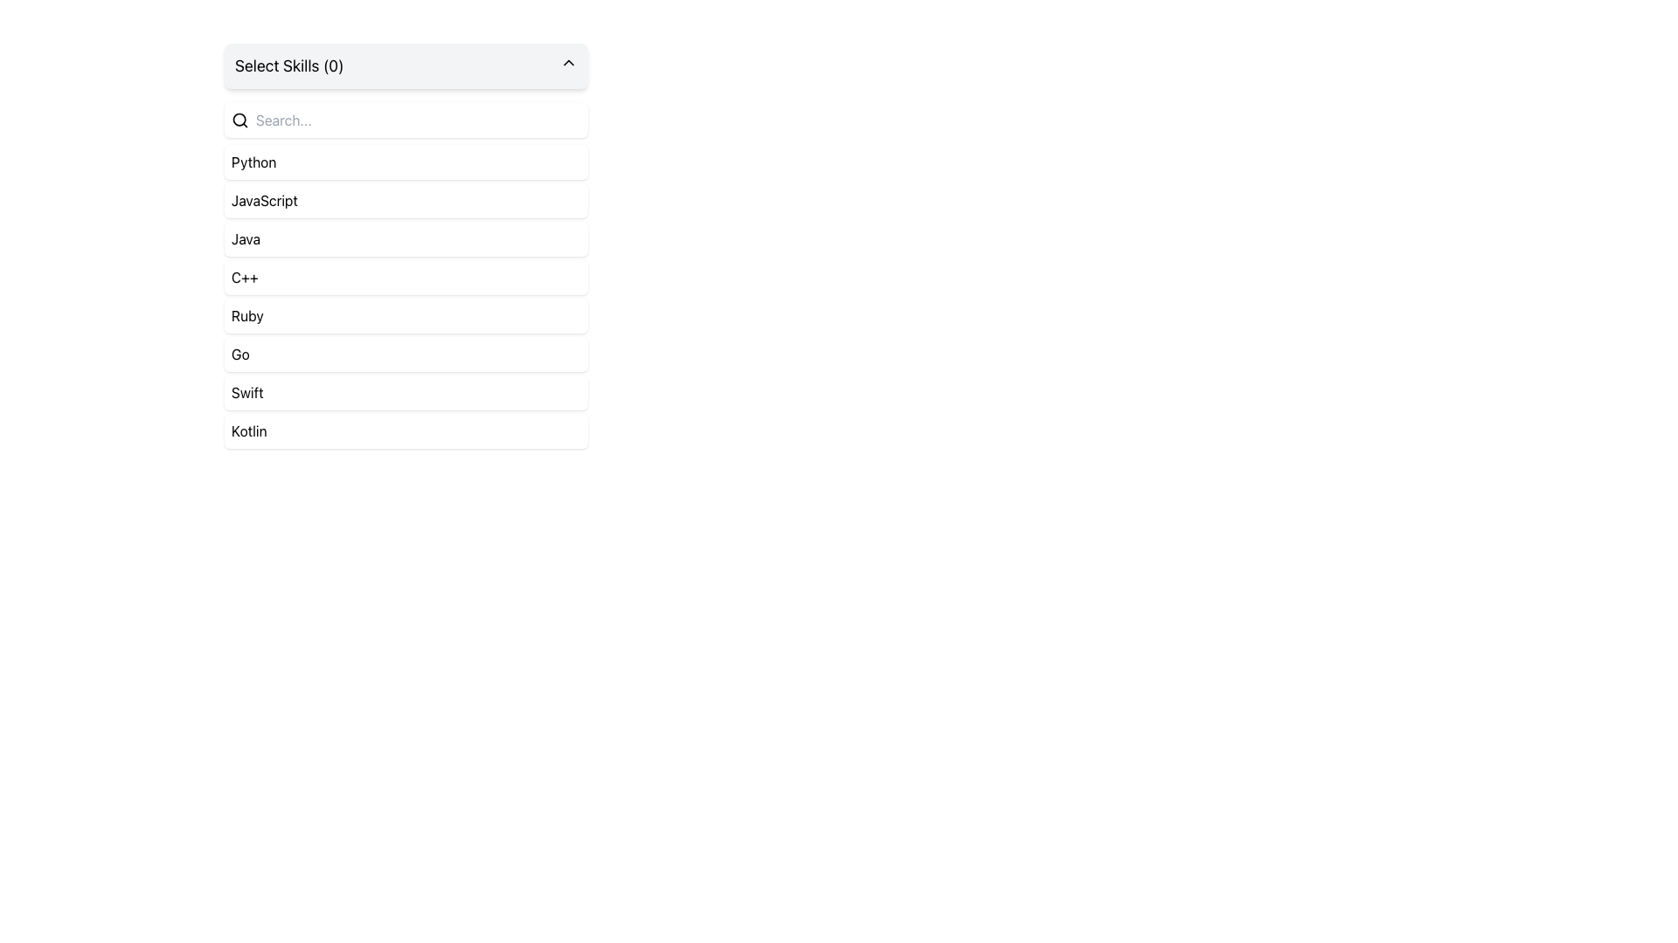  I want to click on the first selectable list item under the 'Select Skills (0)' search bar, which is positioned directly above 'JavaScript', so click(406, 162).